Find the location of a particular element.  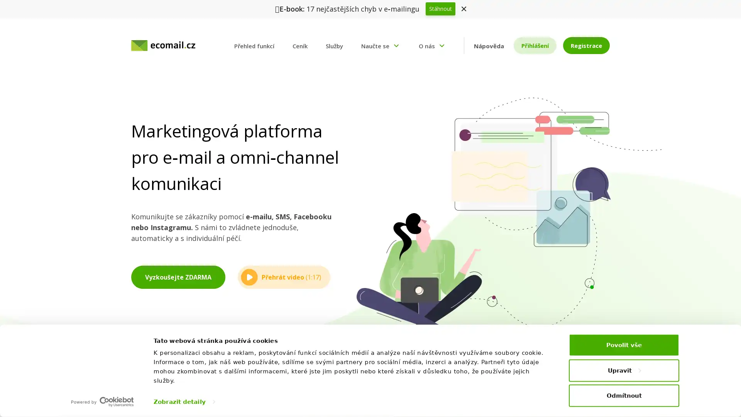

Prihlaseni is located at coordinates (534, 46).